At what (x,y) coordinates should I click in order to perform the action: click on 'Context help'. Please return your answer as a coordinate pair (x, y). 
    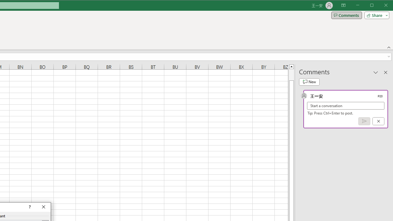
    Looking at the image, I should click on (29, 207).